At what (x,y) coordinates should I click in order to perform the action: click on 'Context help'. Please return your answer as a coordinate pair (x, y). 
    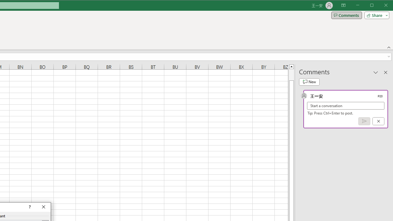
    Looking at the image, I should click on (29, 207).